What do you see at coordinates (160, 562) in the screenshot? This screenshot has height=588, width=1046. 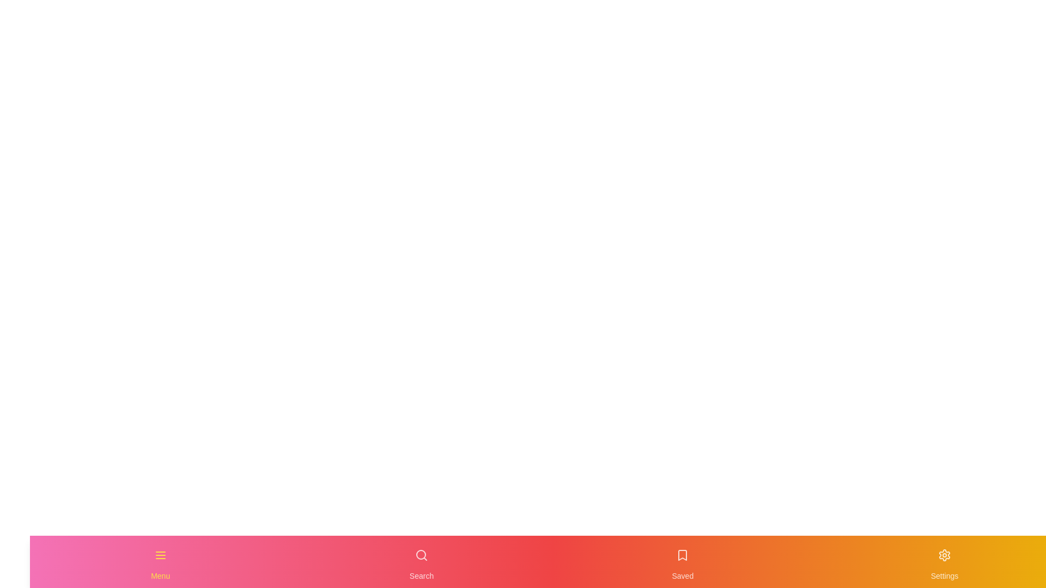 I see `the navigation item labeled Menu to highlight it` at bounding box center [160, 562].